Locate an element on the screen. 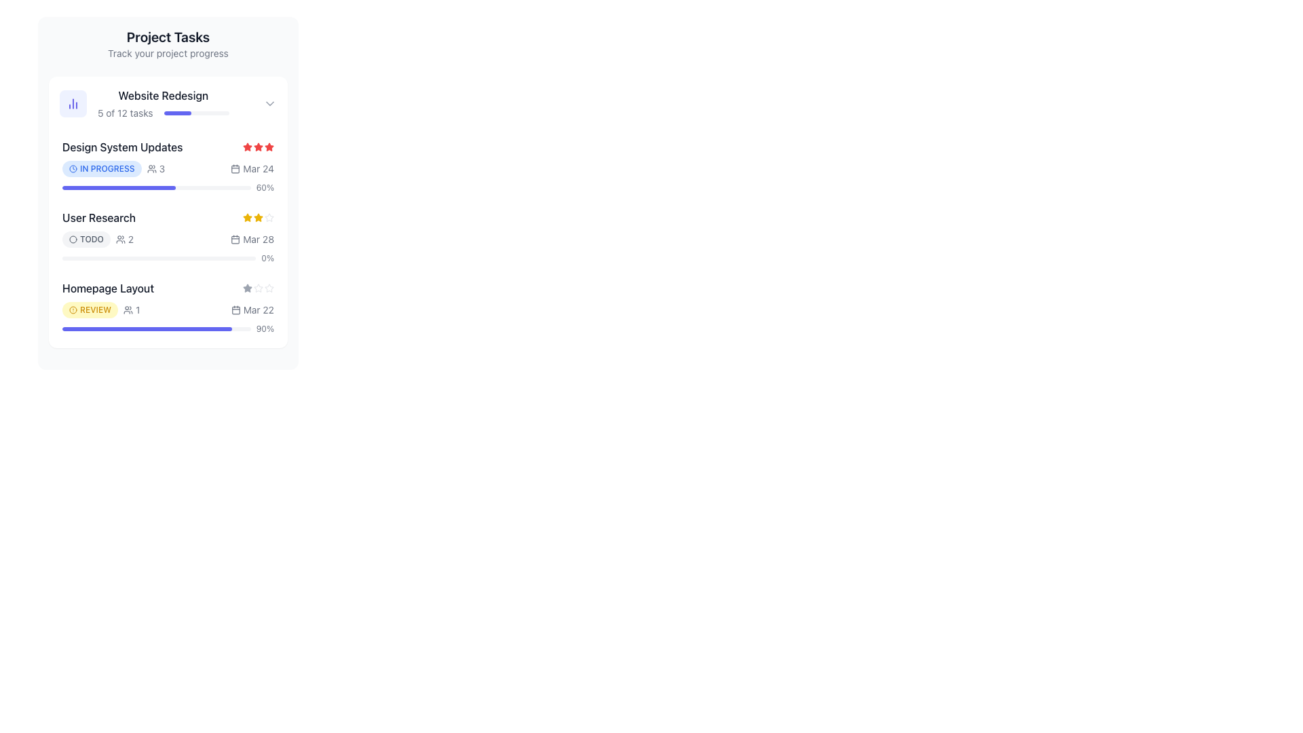  the red star icon, which is the first in a row of three stars under the 'Design System Updates' section in 'Project Tasks' is located at coordinates (247, 147).